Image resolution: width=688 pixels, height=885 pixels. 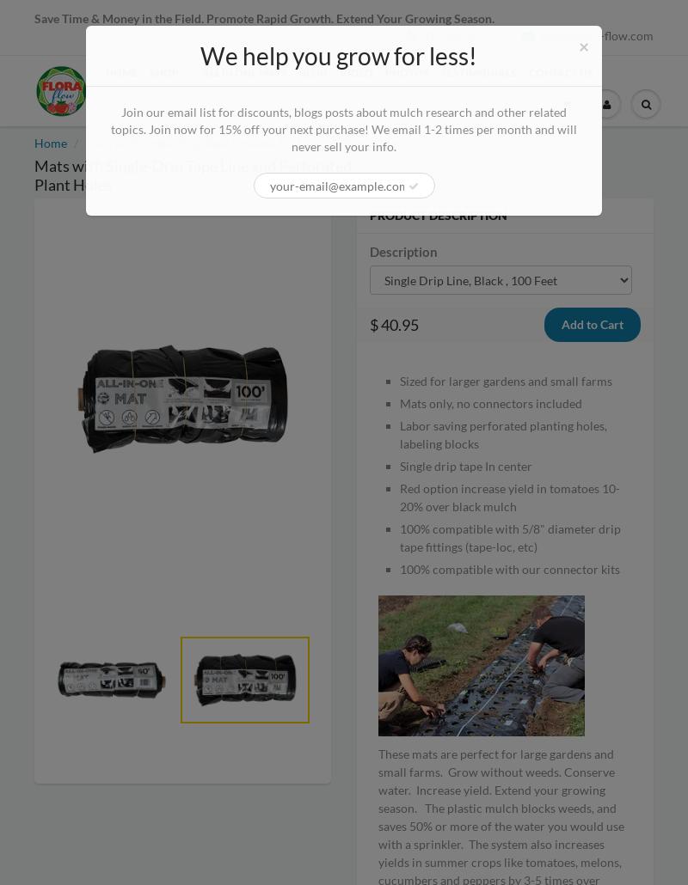 I want to click on 'Product Description', so click(x=437, y=215).